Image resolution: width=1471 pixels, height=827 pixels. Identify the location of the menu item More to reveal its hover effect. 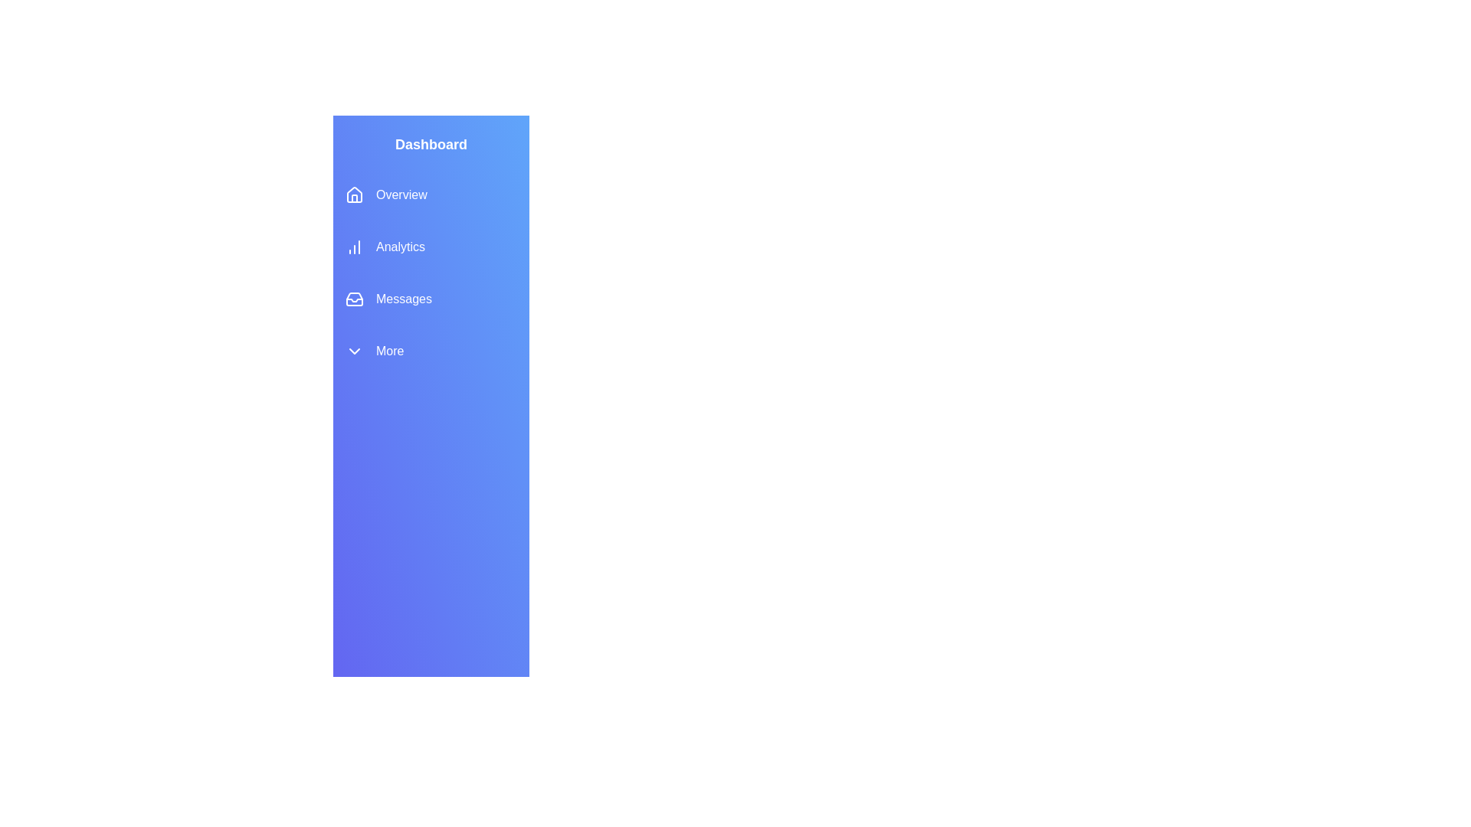
(430, 351).